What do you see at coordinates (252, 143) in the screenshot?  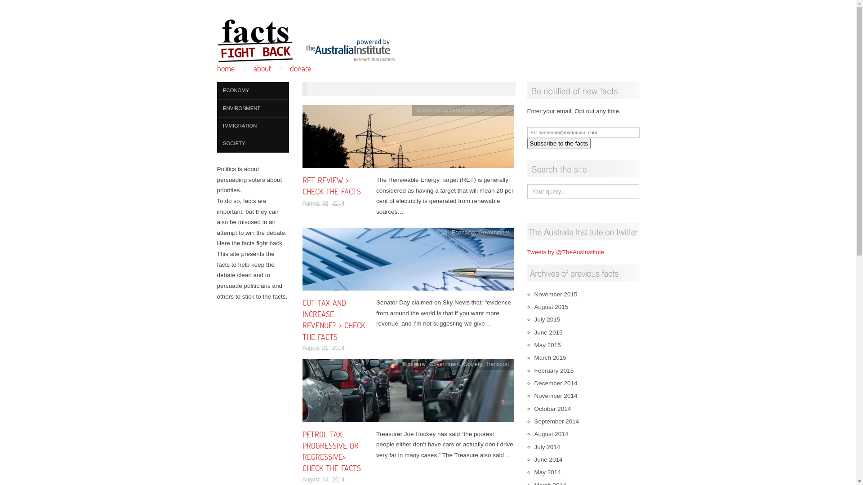 I see `'SOCIETY'` at bounding box center [252, 143].